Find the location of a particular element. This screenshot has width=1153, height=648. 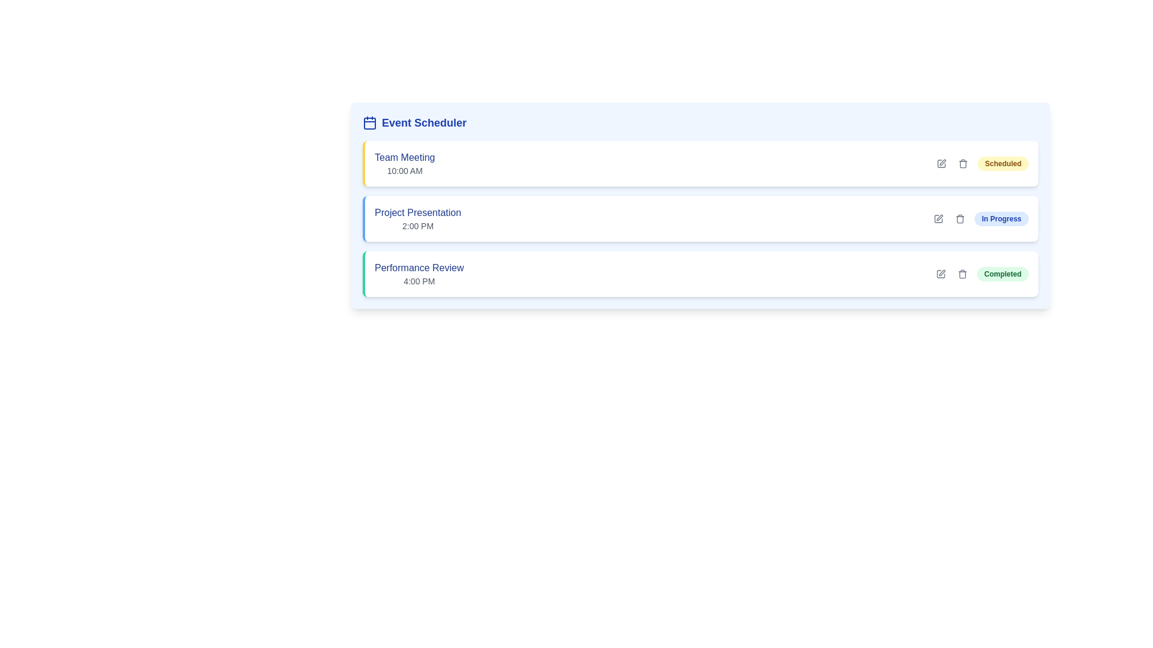

the pen-shaped edit icon located at the top entry of the 'Team Meeting' event is located at coordinates (942, 162).